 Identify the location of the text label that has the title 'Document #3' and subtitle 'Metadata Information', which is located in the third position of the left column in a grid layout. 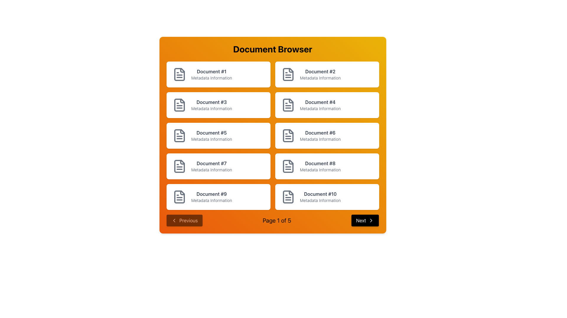
(211, 105).